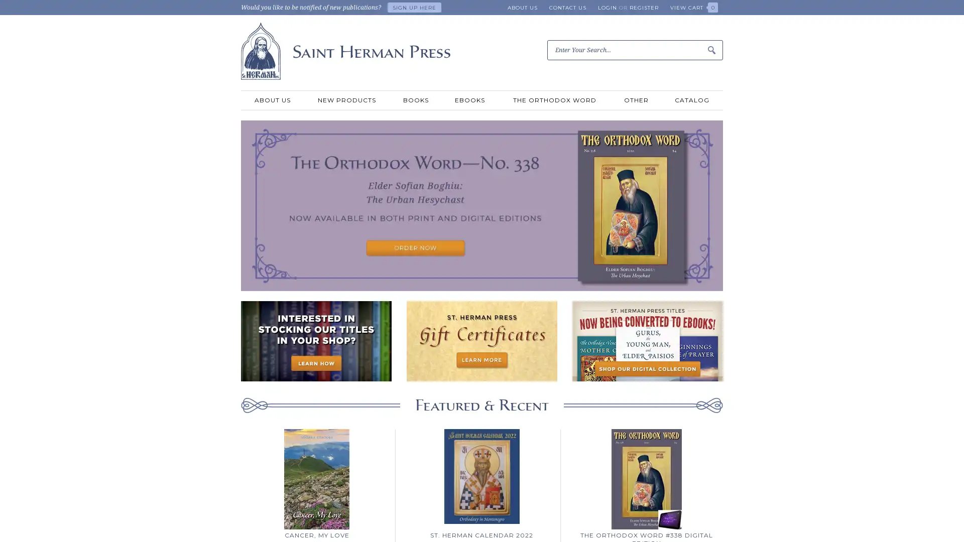 The width and height of the screenshot is (964, 542). Describe the element at coordinates (711, 50) in the screenshot. I see `Submit` at that location.